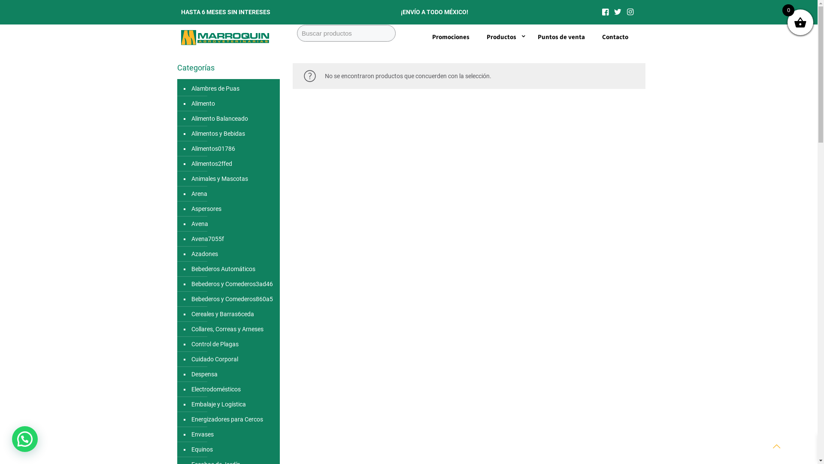  Describe the element at coordinates (503, 37) in the screenshot. I see `'Productos'` at that location.